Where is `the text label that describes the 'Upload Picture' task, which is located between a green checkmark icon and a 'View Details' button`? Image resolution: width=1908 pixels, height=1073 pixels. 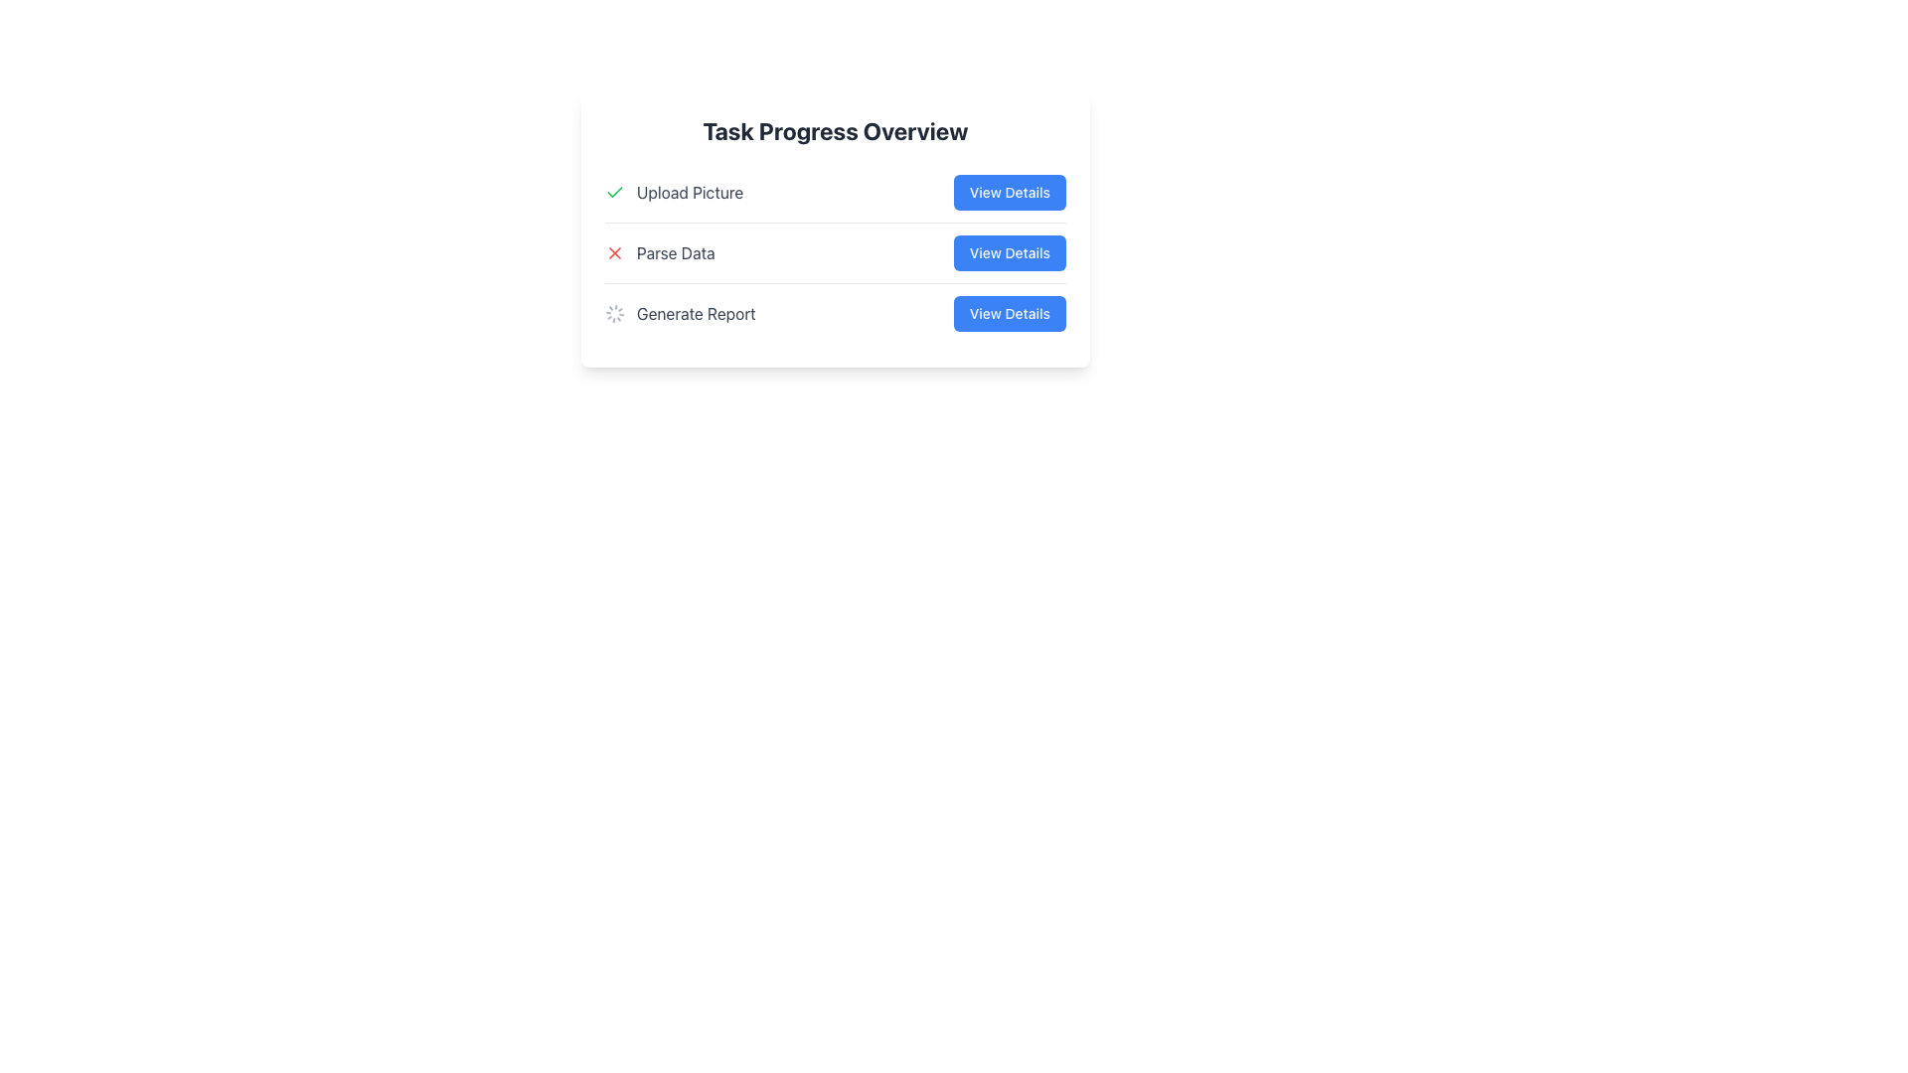
the text label that describes the 'Upload Picture' task, which is located between a green checkmark icon and a 'View Details' button is located at coordinates (690, 192).